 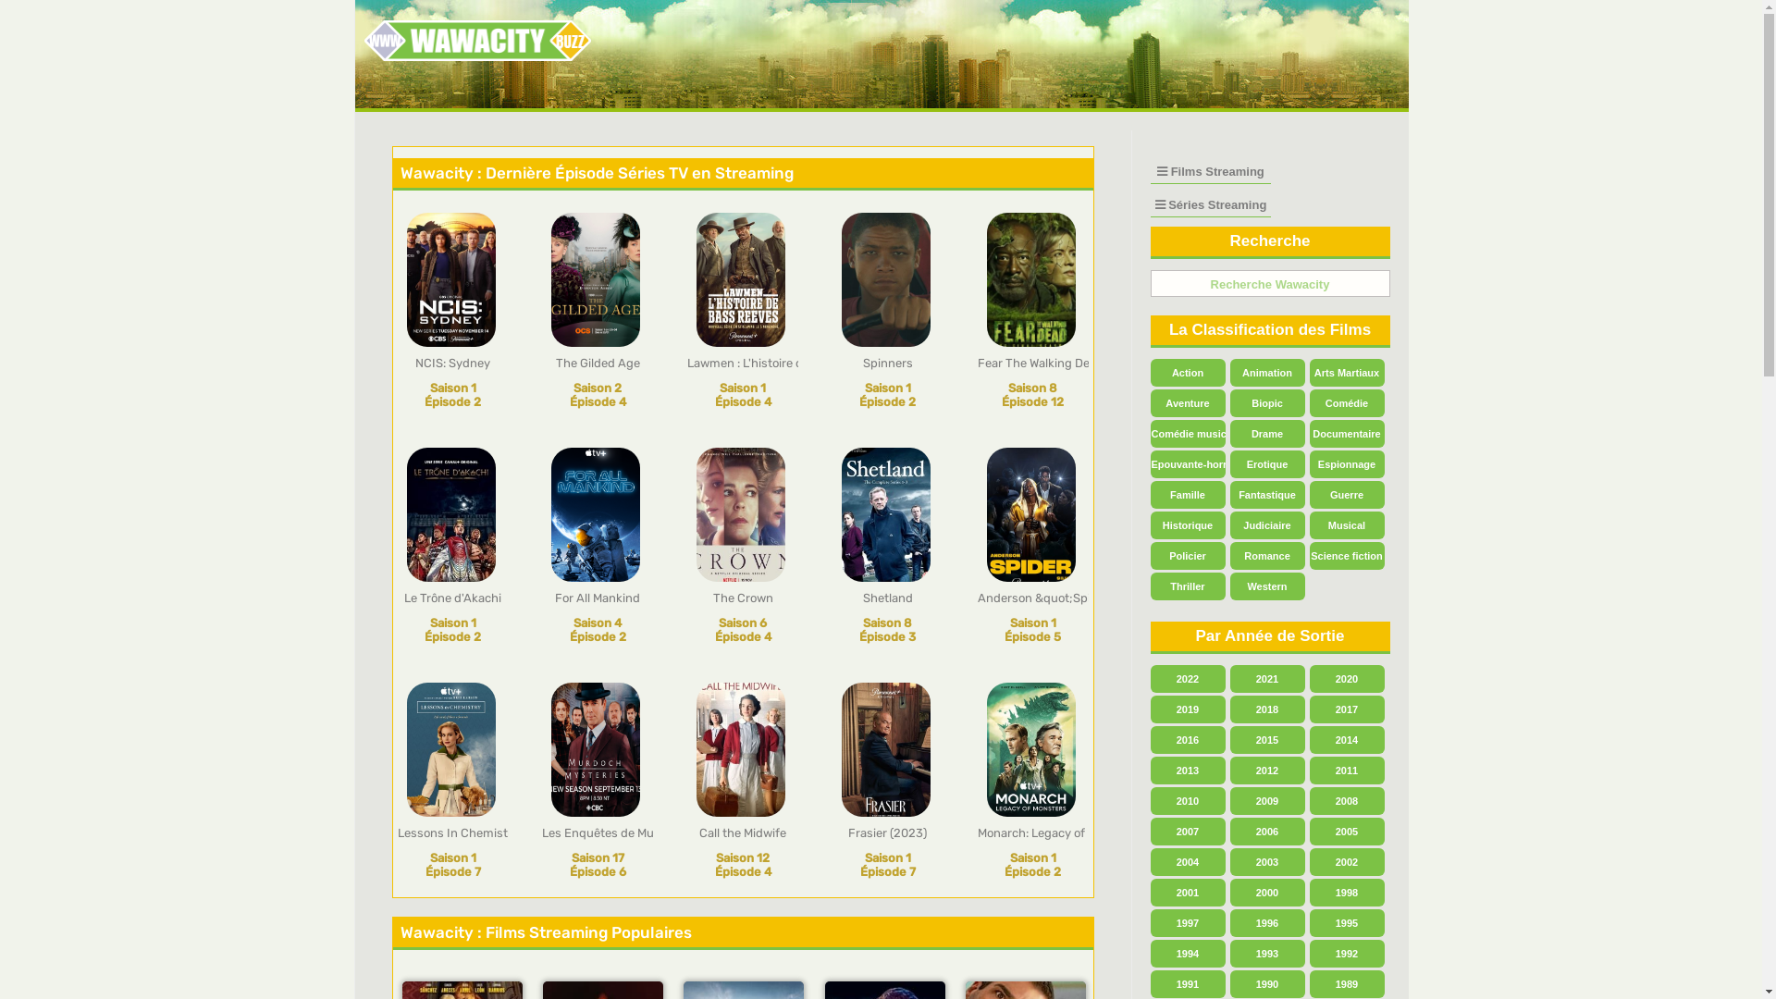 What do you see at coordinates (1347, 923) in the screenshot?
I see `'1995'` at bounding box center [1347, 923].